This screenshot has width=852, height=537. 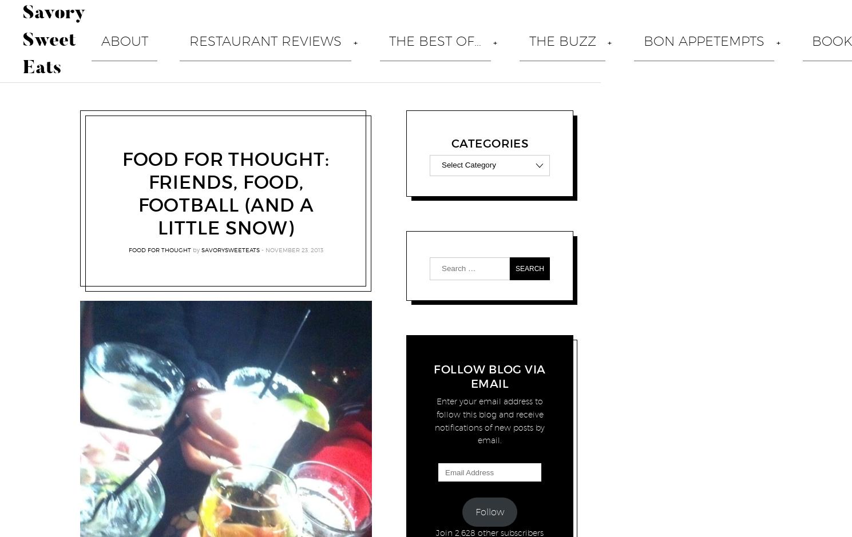 What do you see at coordinates (303, 476) in the screenshot?
I see `'Steak'` at bounding box center [303, 476].